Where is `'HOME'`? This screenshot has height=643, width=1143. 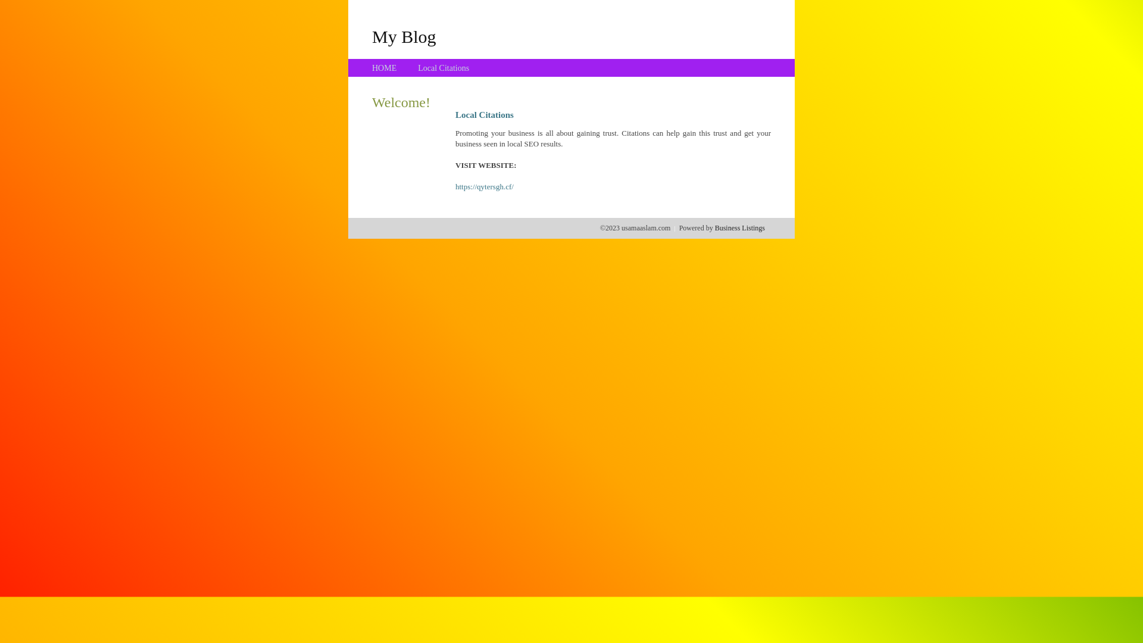 'HOME' is located at coordinates (371, 68).